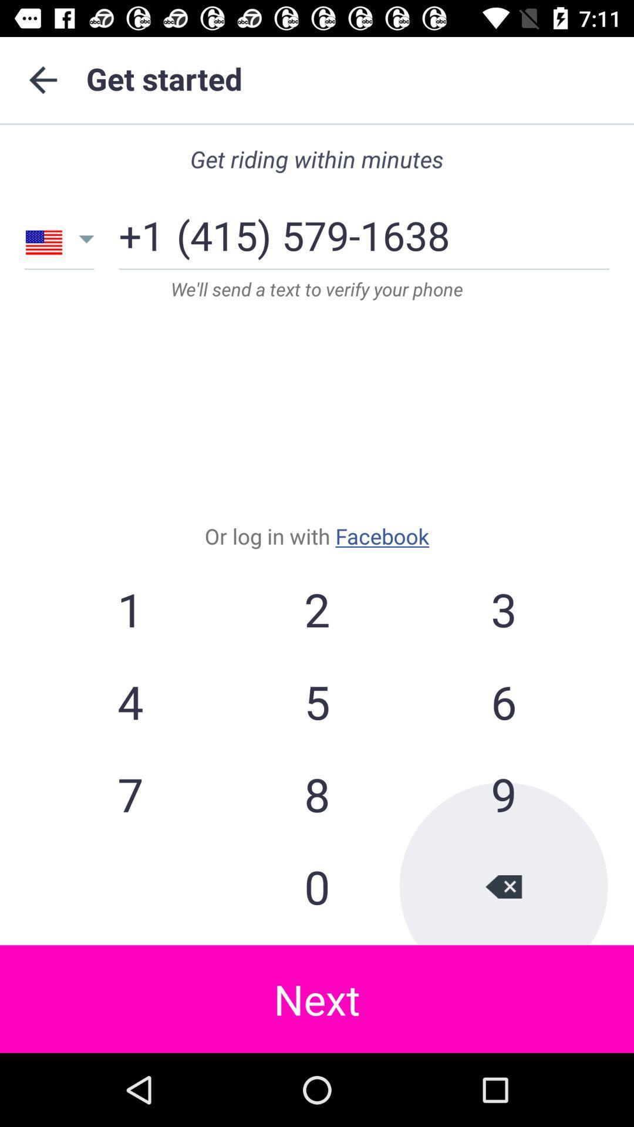 This screenshot has height=1127, width=634. Describe the element at coordinates (503, 609) in the screenshot. I see `the item to the right of the 2` at that location.